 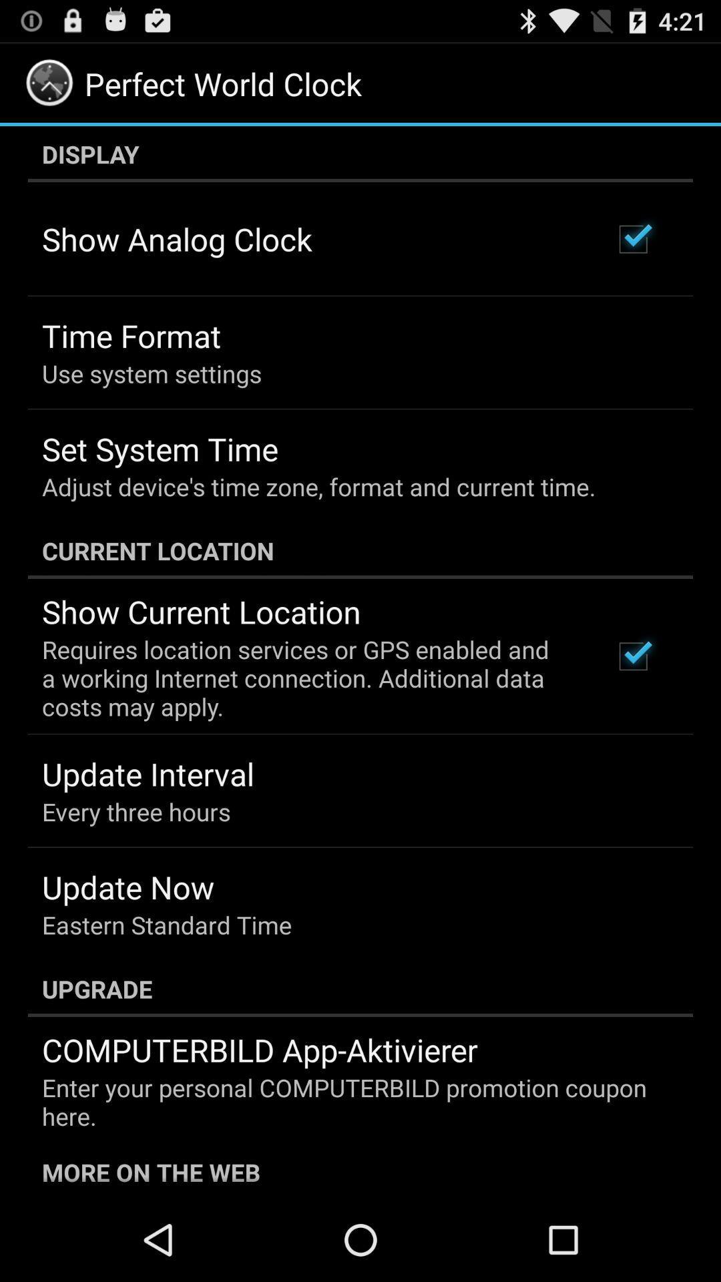 What do you see at coordinates (176, 239) in the screenshot?
I see `app above the time format item` at bounding box center [176, 239].